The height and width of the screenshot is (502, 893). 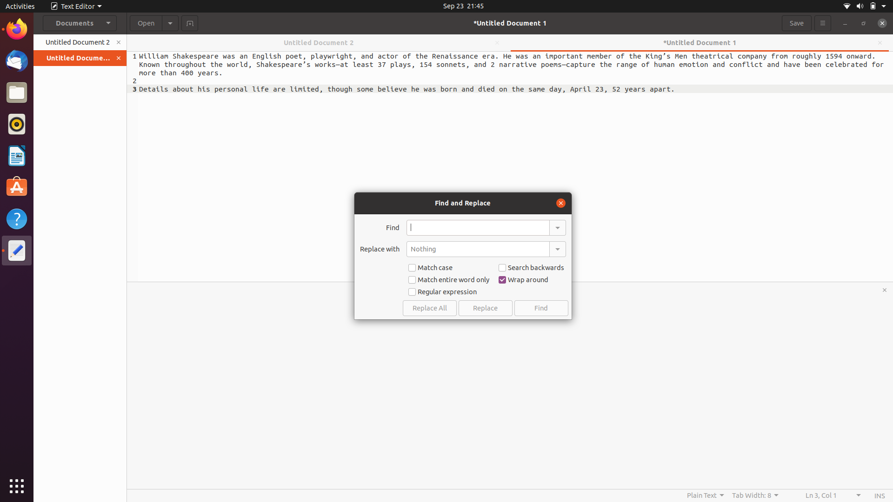 What do you see at coordinates (478, 227) in the screenshot?
I see `Match and find the word "shakespeare" with the same case in the document` at bounding box center [478, 227].